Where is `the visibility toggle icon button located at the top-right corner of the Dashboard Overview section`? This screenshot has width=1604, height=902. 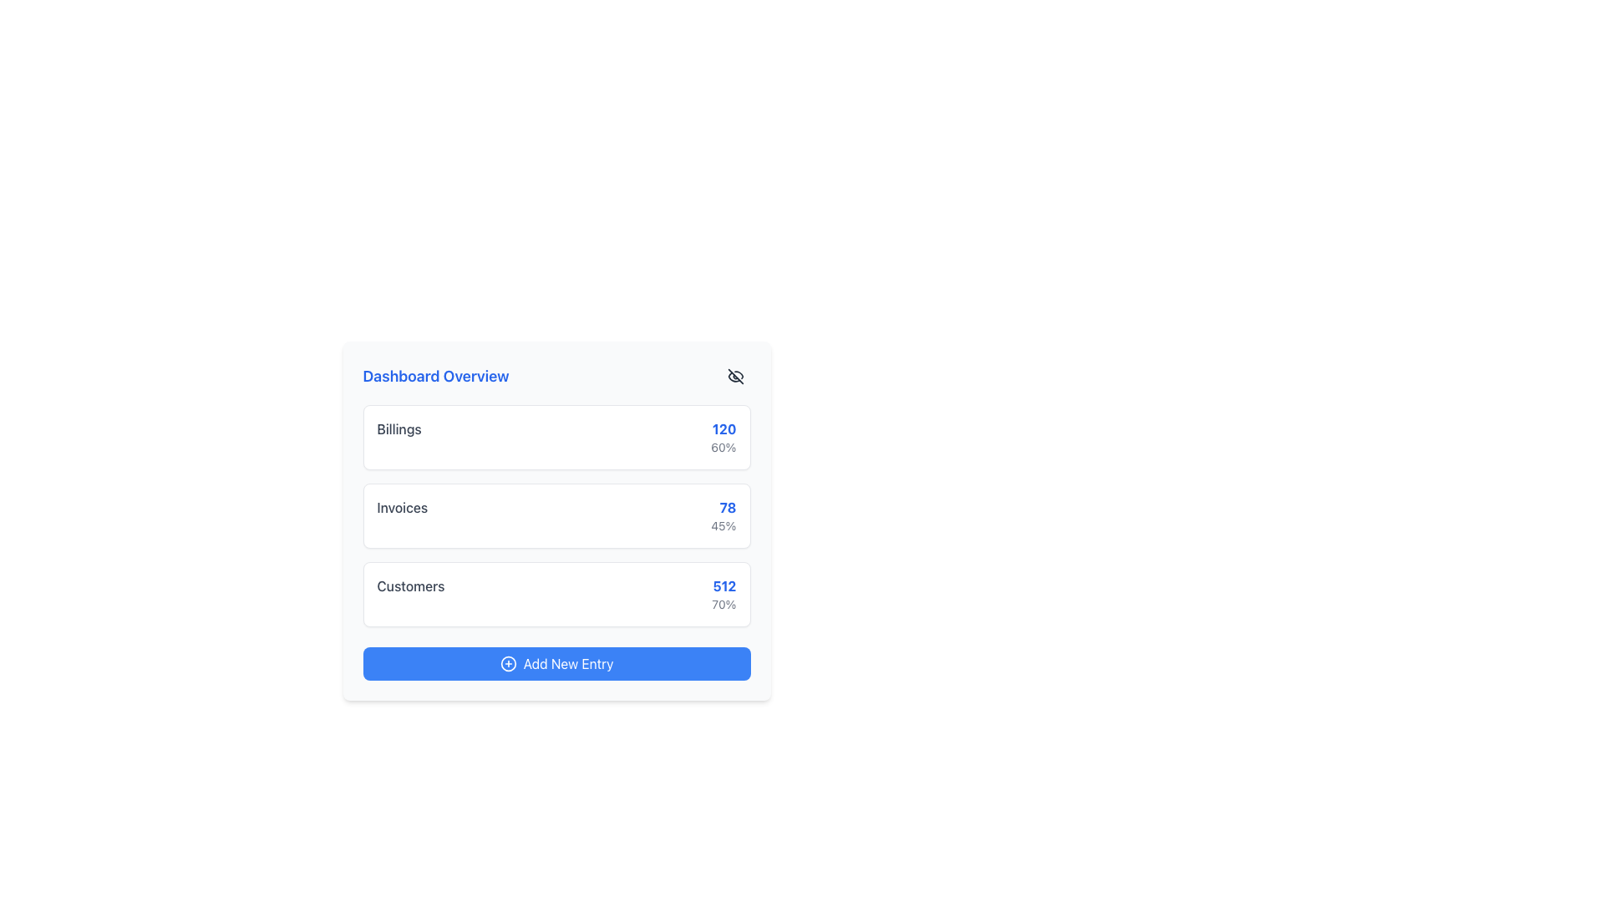 the visibility toggle icon button located at the top-right corner of the Dashboard Overview section is located at coordinates (735, 377).